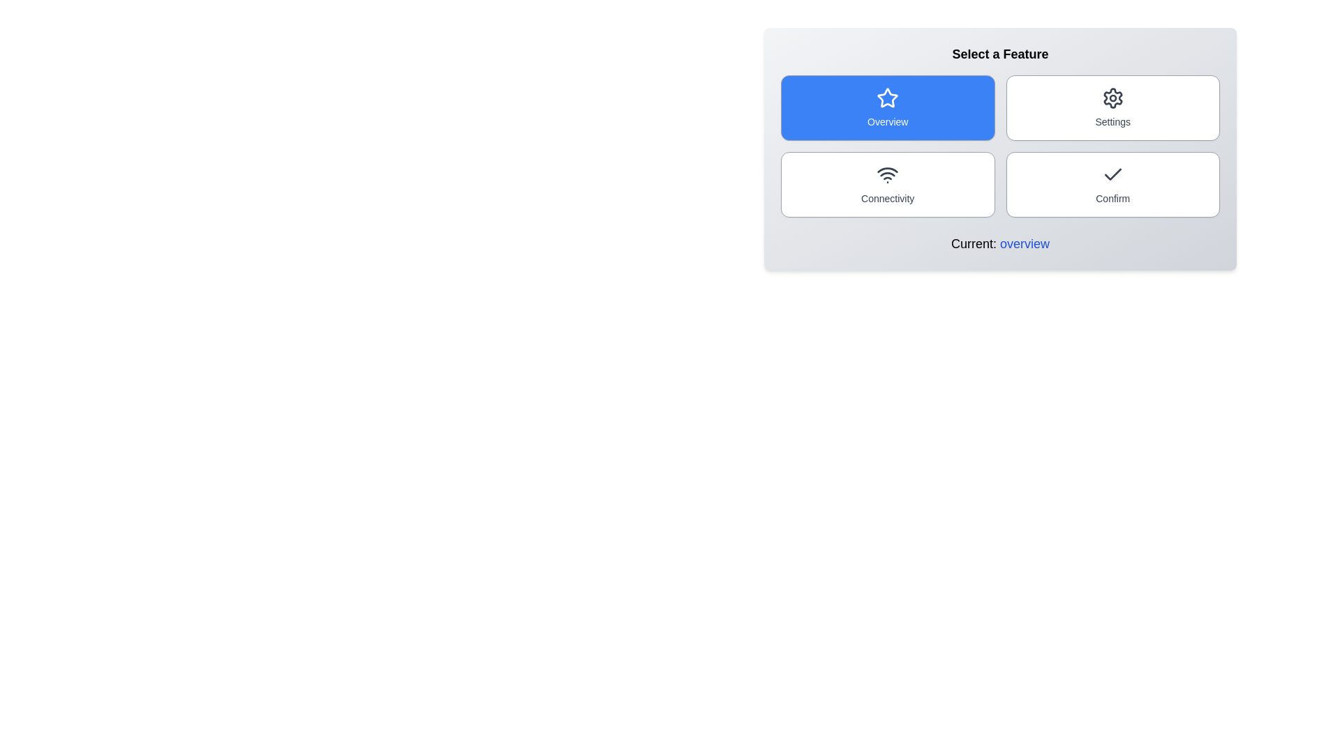  What do you see at coordinates (1112, 184) in the screenshot?
I see `the button corresponding to the feature confirm` at bounding box center [1112, 184].